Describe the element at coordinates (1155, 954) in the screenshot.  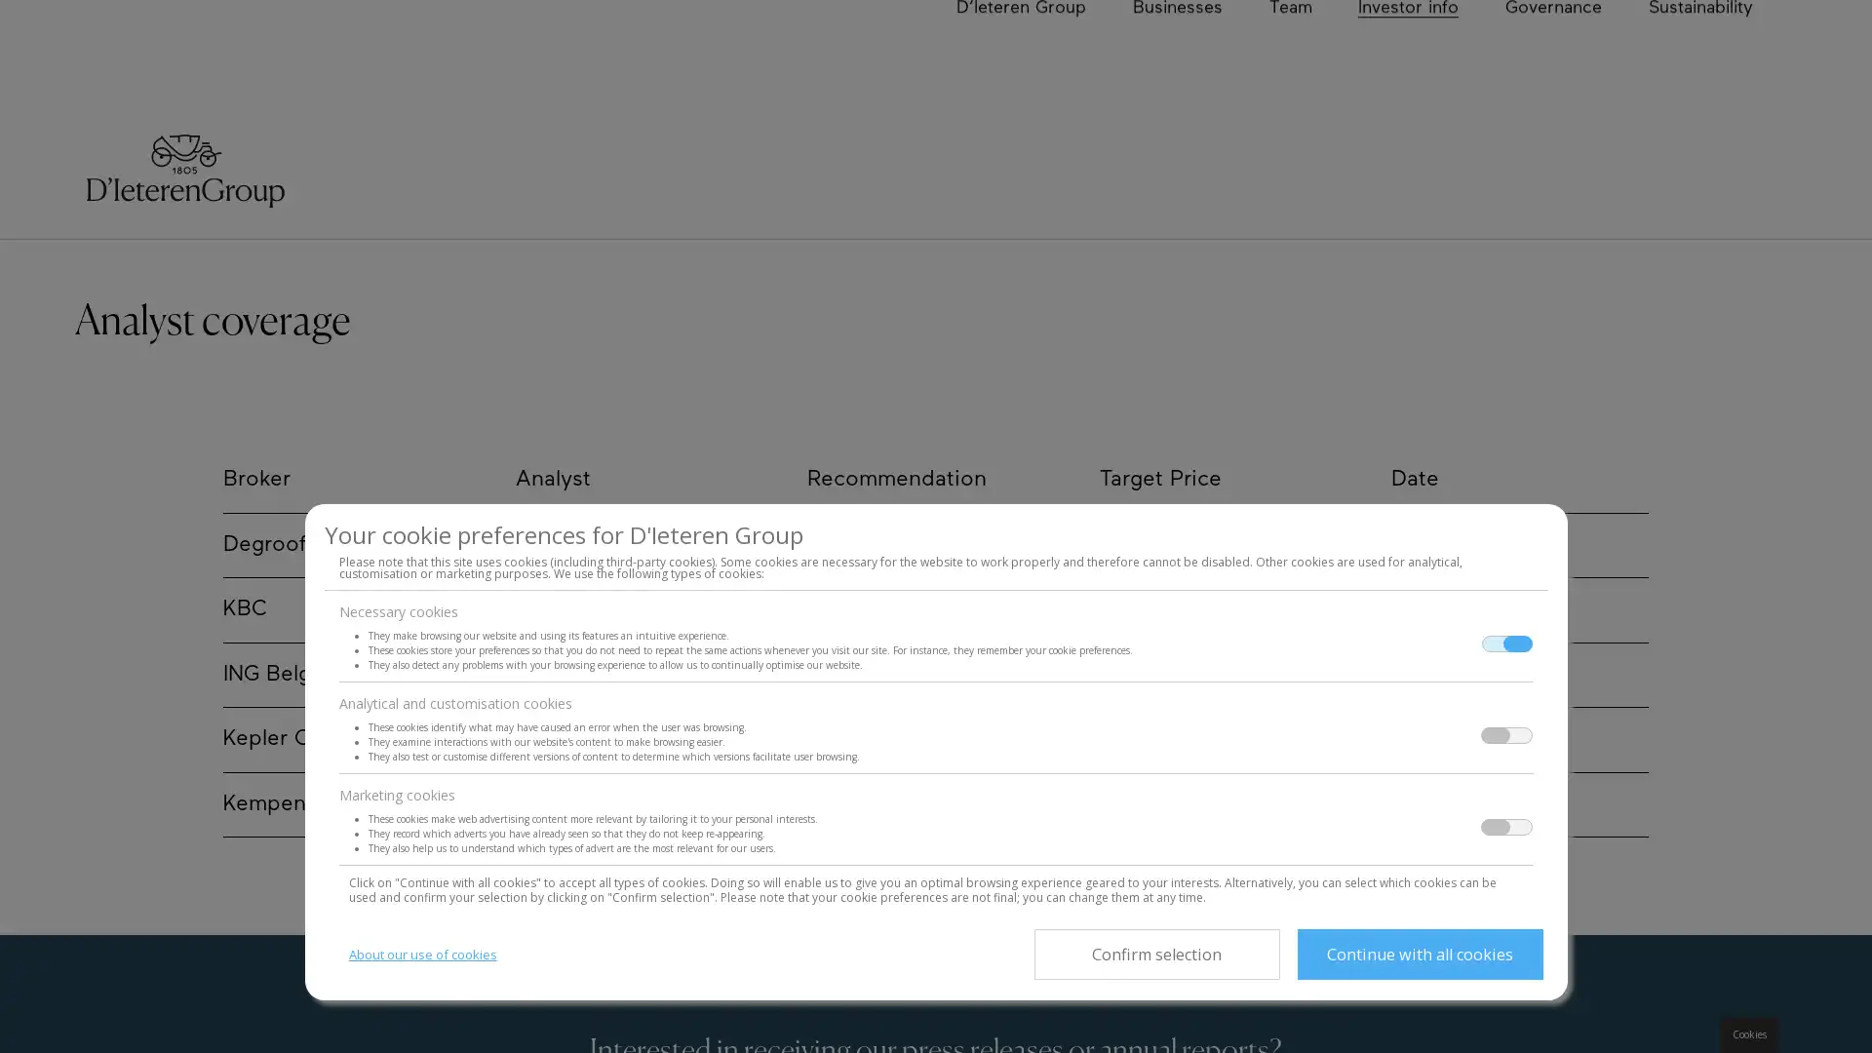
I see `Save Consent Preferences` at that location.